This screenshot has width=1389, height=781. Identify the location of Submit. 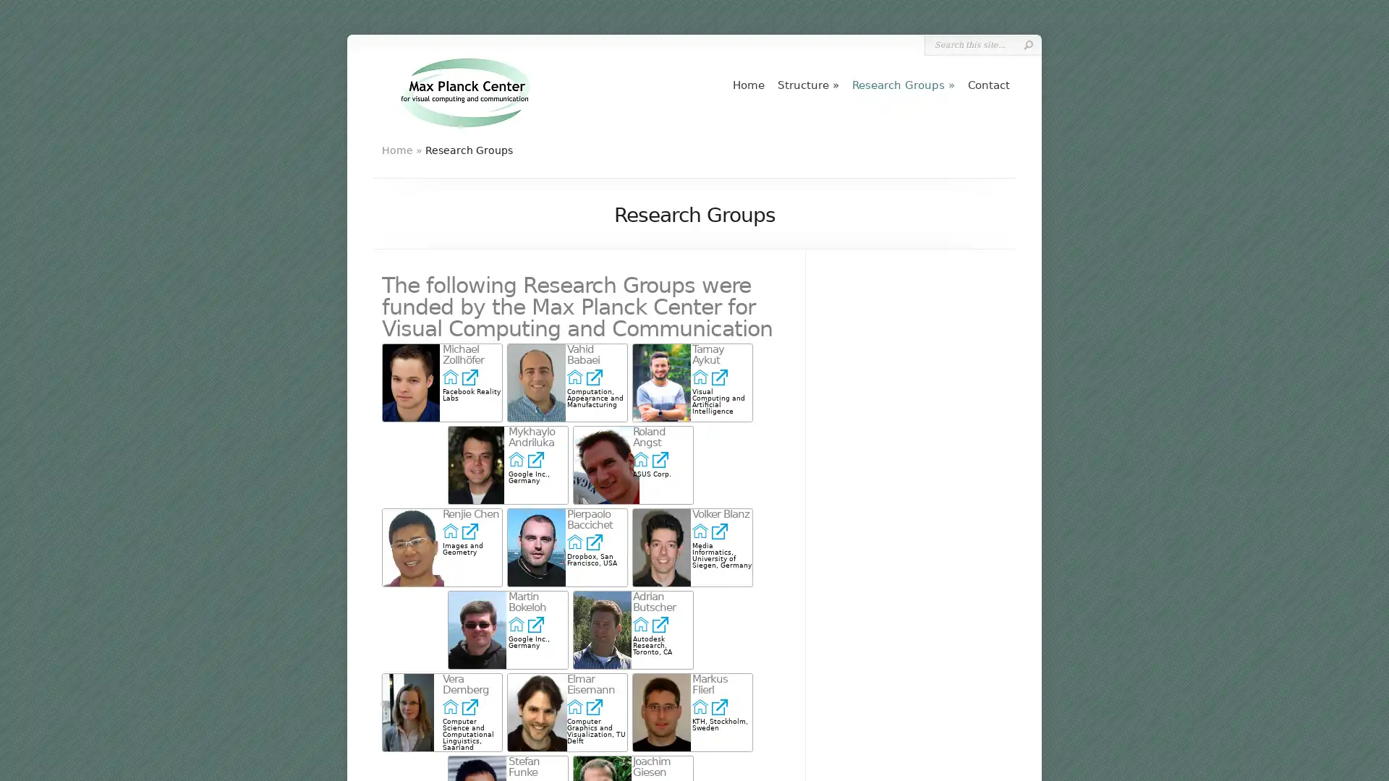
(1027, 44).